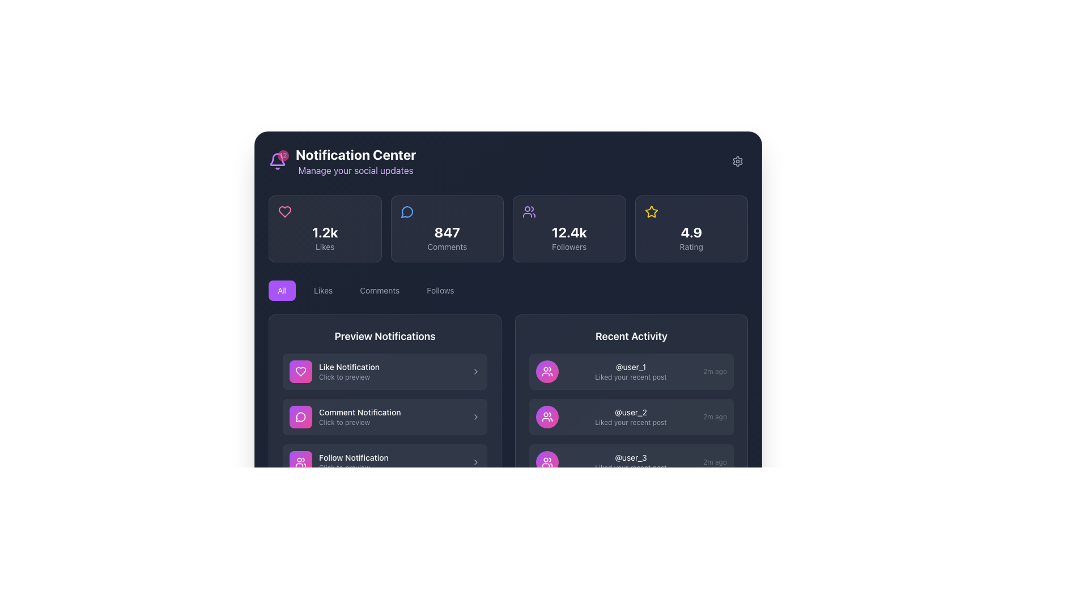 The image size is (1088, 612). I want to click on the heart-shaped icon with a white outline and a purple-to-pink gradient background, located in the top-left corner next to the '1.2k Likes' count, so click(301, 371).